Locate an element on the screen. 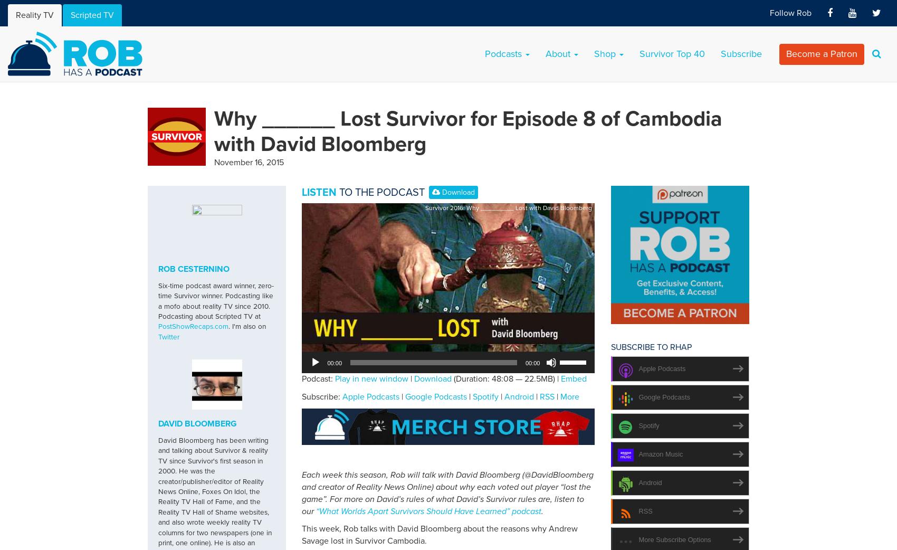 This screenshot has width=897, height=550. '. I'm also on' is located at coordinates (247, 326).